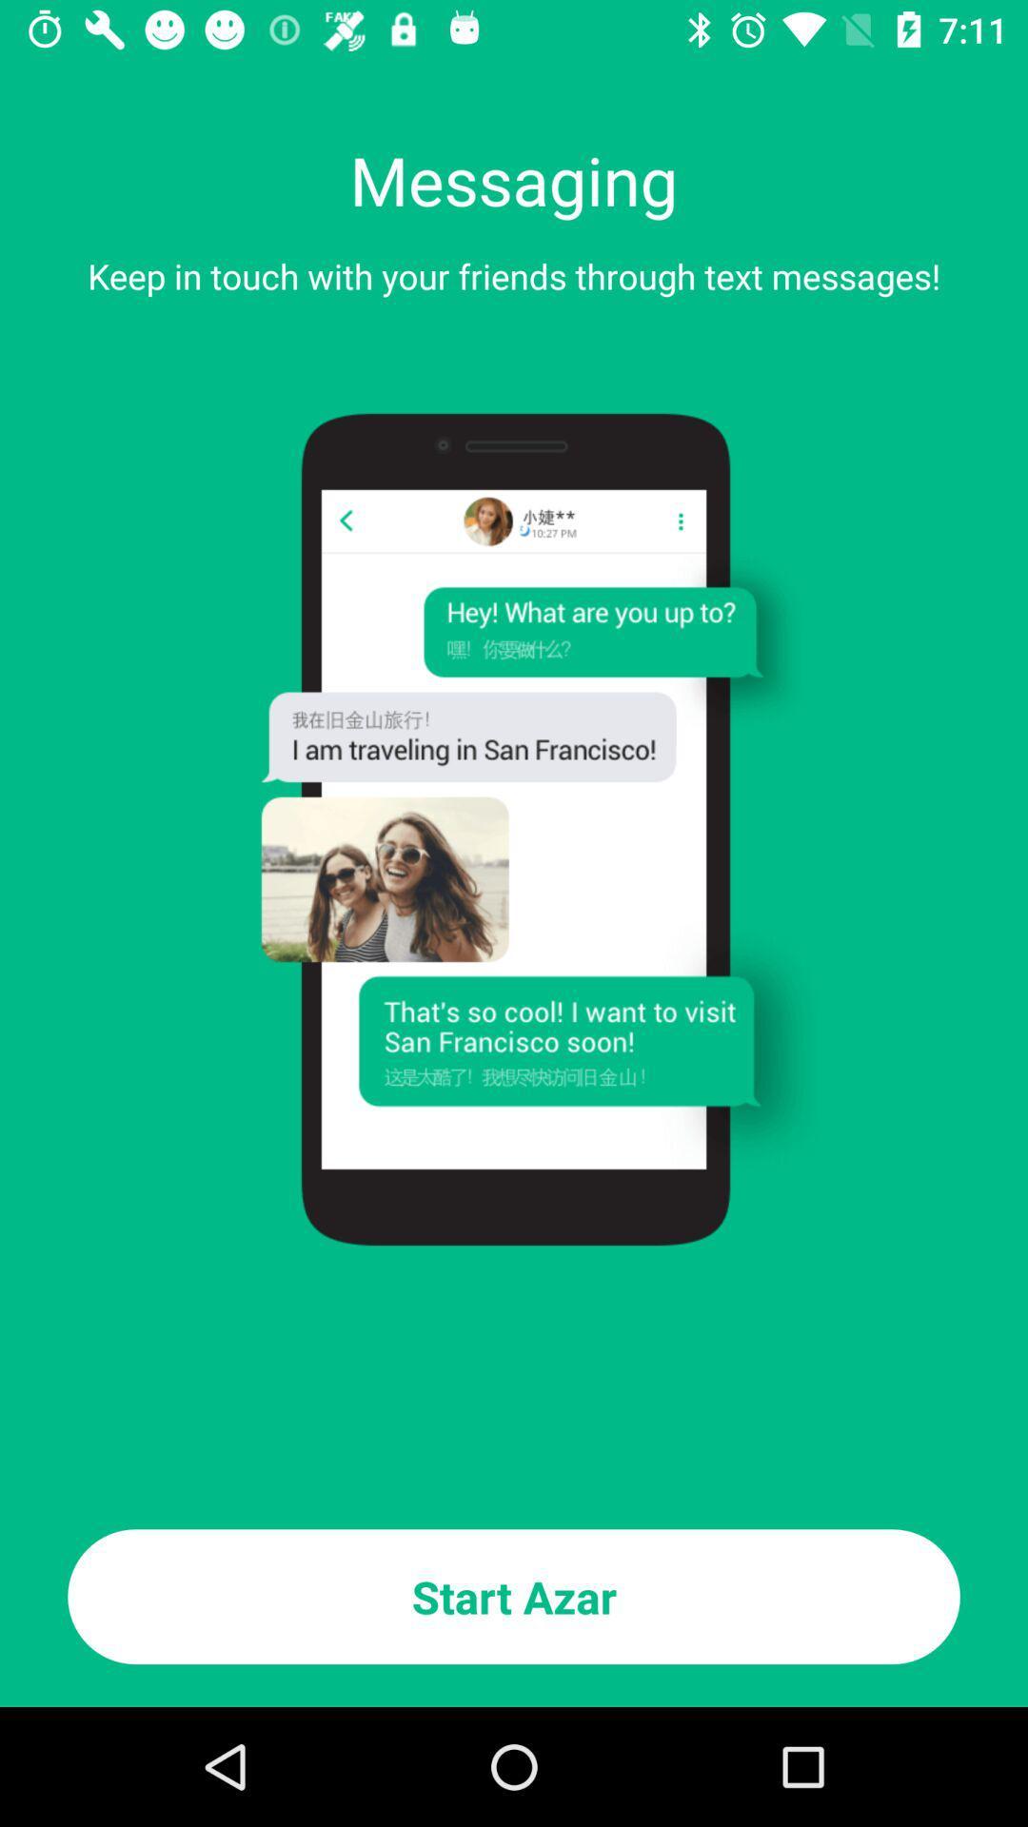 This screenshot has width=1028, height=1827. What do you see at coordinates (514, 1597) in the screenshot?
I see `the start azar` at bounding box center [514, 1597].